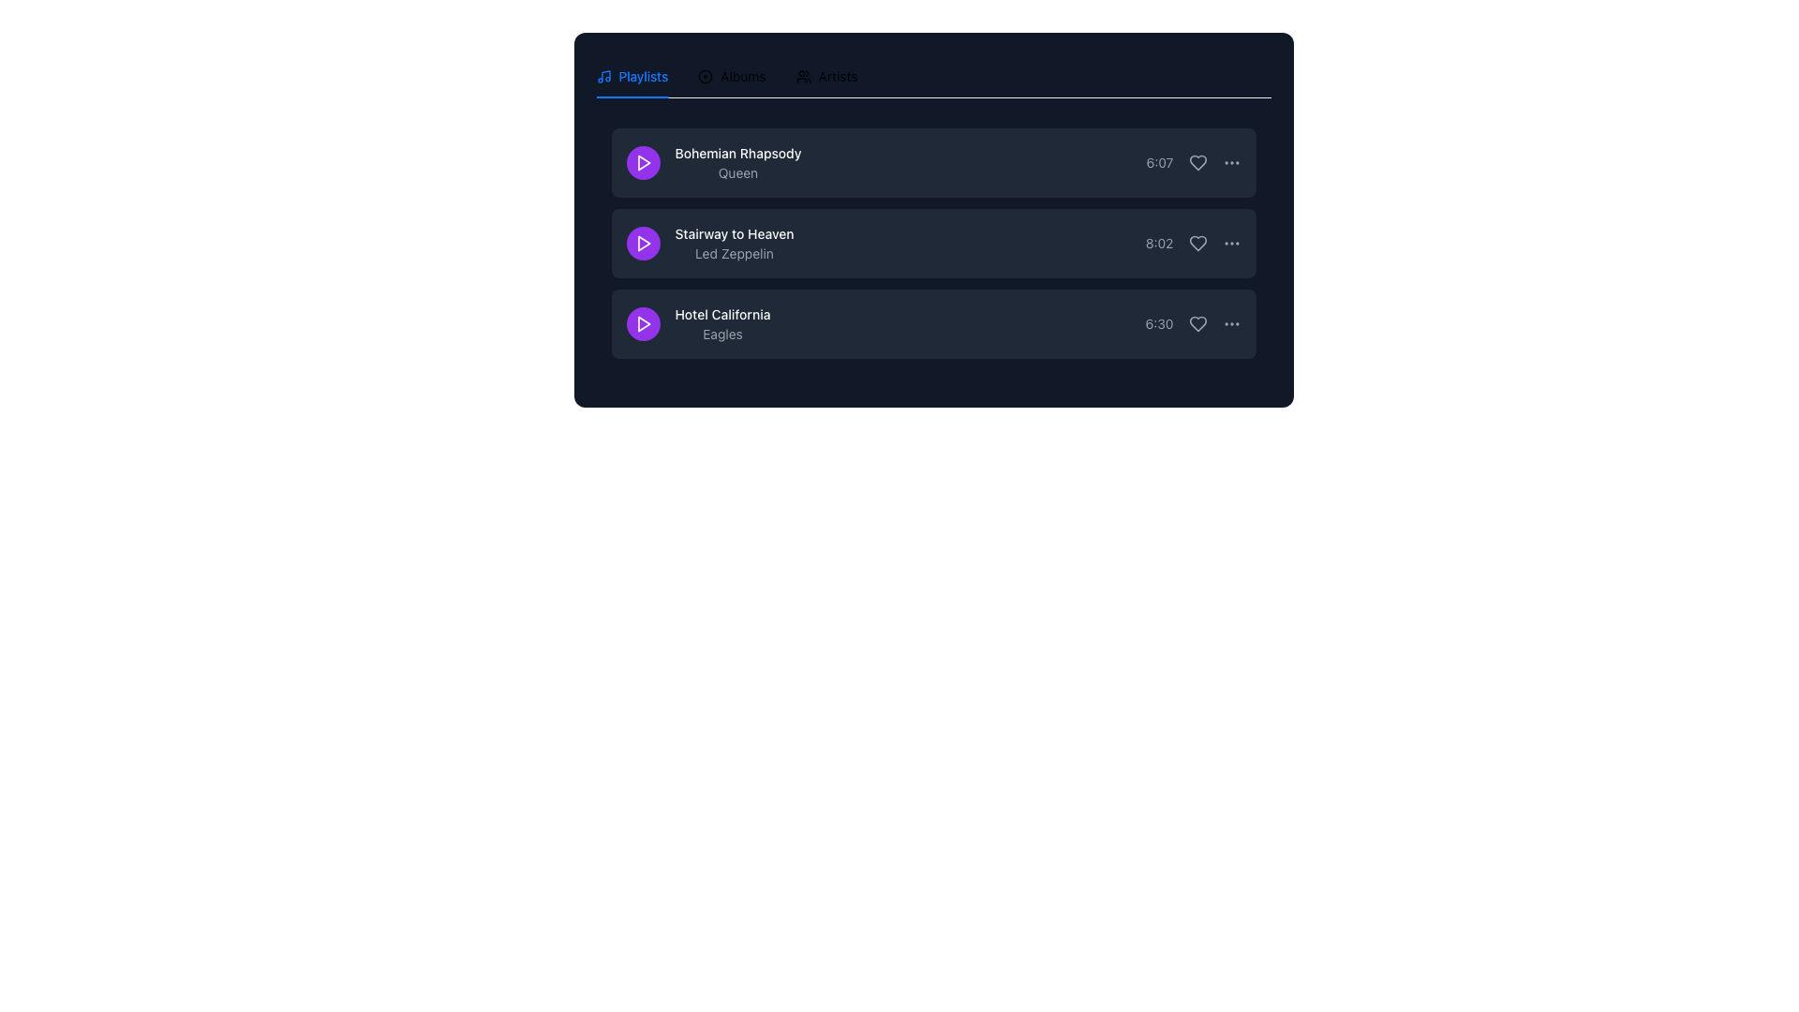  What do you see at coordinates (644, 323) in the screenshot?
I see `the play icon button located in the third row of the playlist interface for the track 'Hotel California' by the Eagles` at bounding box center [644, 323].